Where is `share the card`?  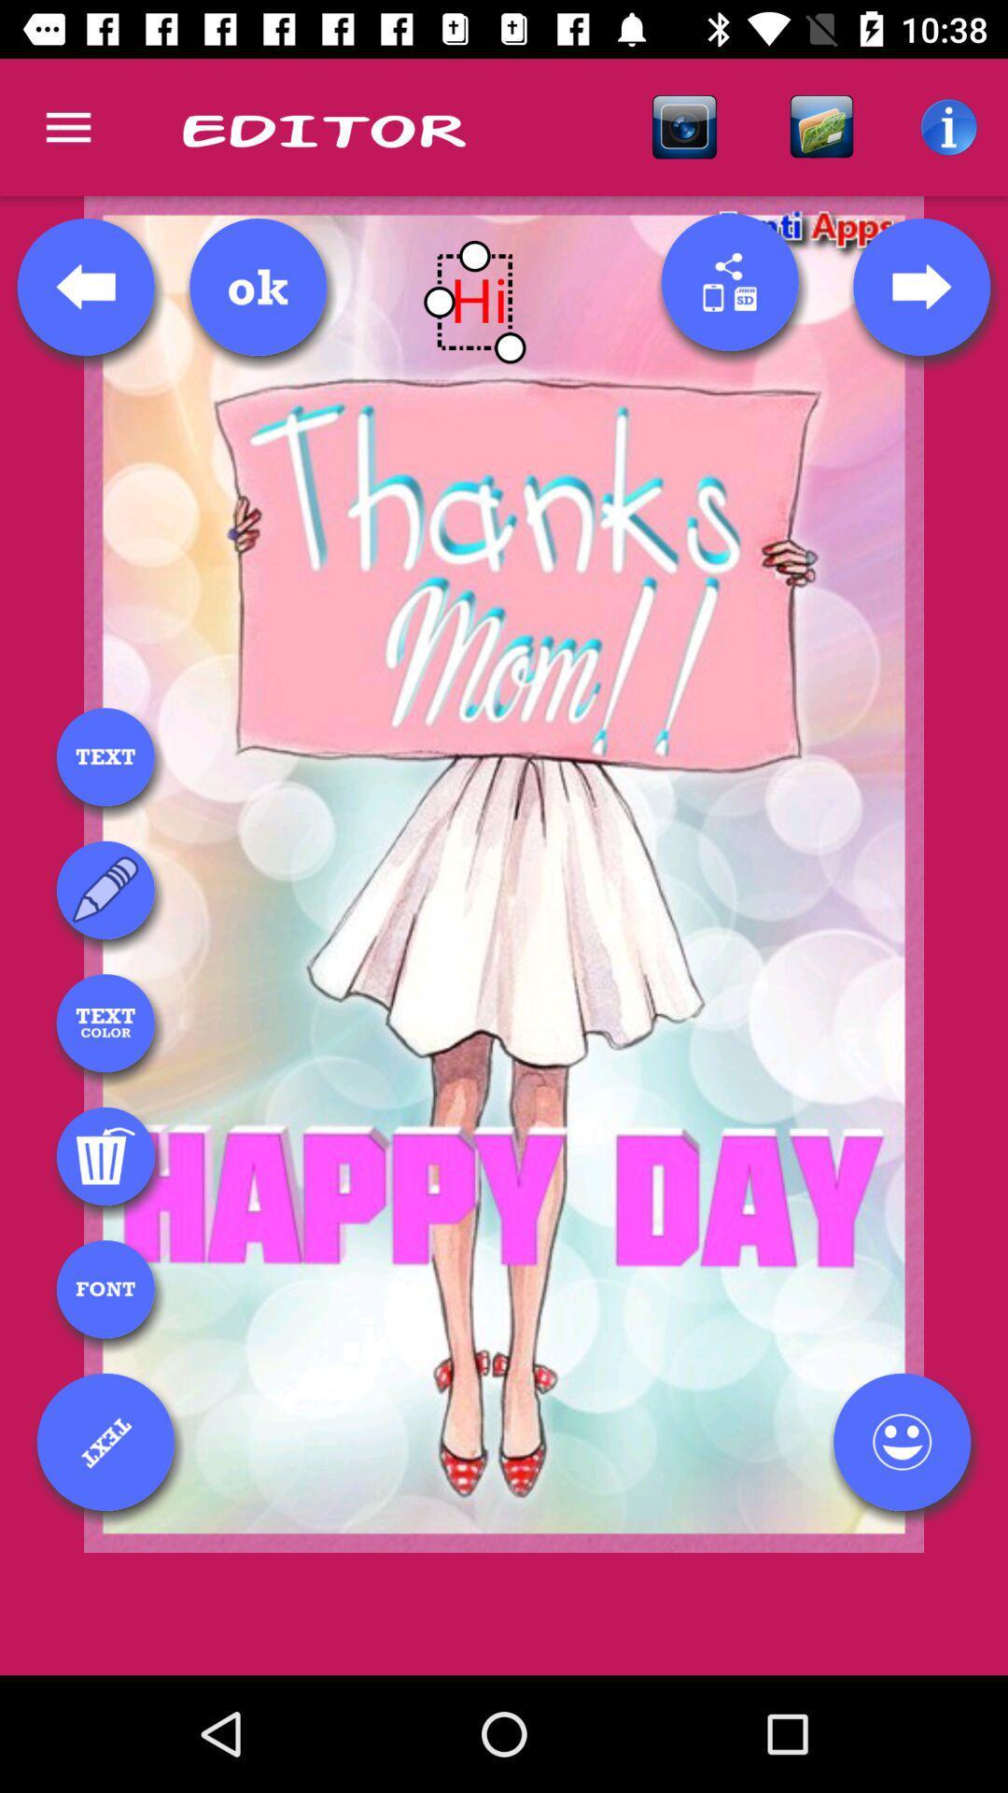 share the card is located at coordinates (729, 281).